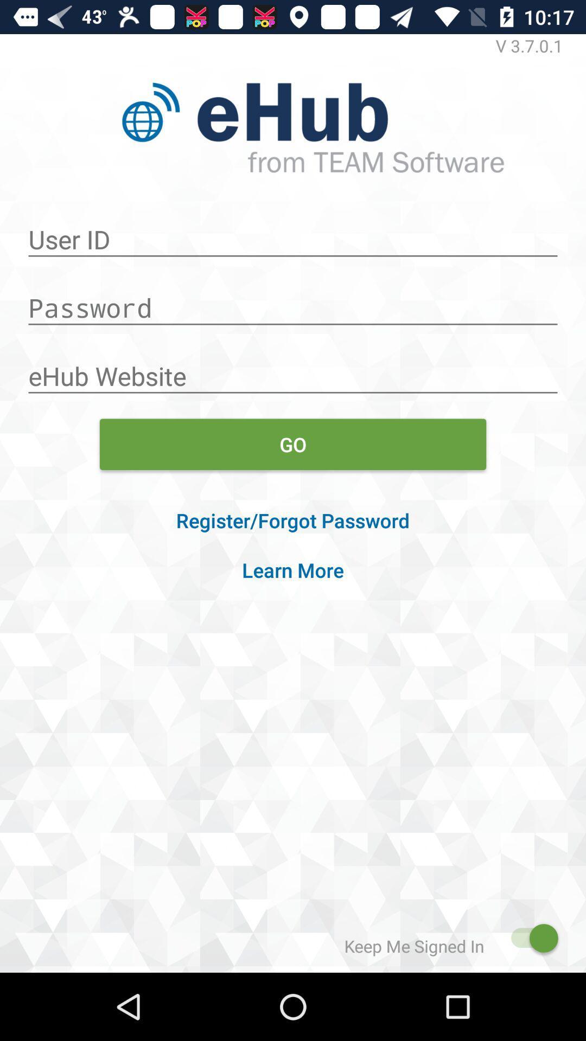 The width and height of the screenshot is (586, 1041). What do you see at coordinates (293, 302) in the screenshot?
I see `password` at bounding box center [293, 302].